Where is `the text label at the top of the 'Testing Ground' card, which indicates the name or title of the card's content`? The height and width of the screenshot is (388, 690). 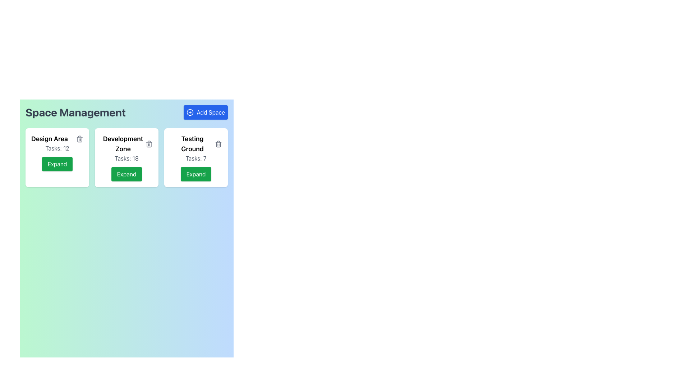 the text label at the top of the 'Testing Ground' card, which indicates the name or title of the card's content is located at coordinates (196, 144).